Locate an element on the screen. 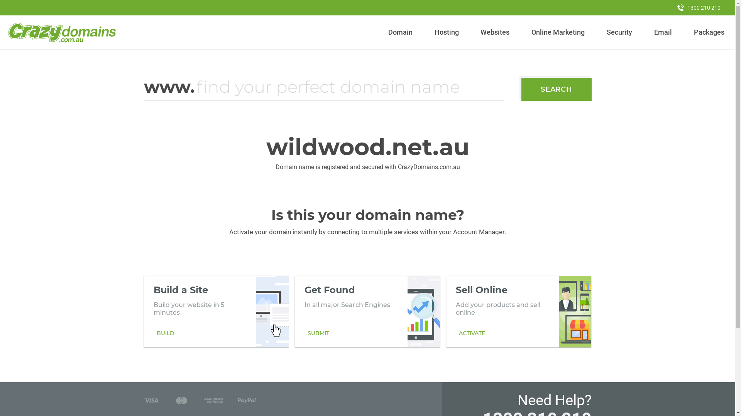  'Get Found is located at coordinates (367, 311).